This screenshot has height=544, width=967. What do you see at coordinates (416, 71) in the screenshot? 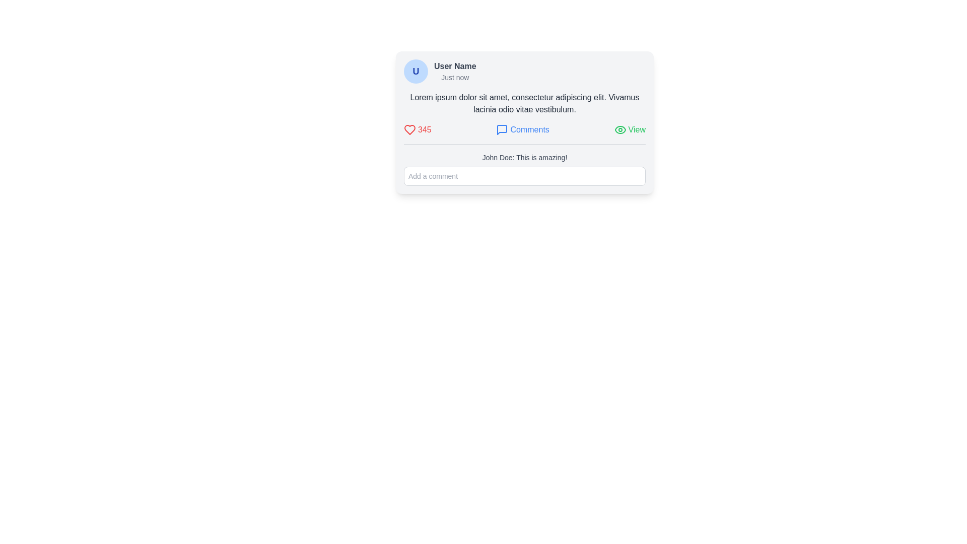
I see `the Avatar or profile icon located at the top-left side of the user card component, which visually represents the user's profile picture` at bounding box center [416, 71].